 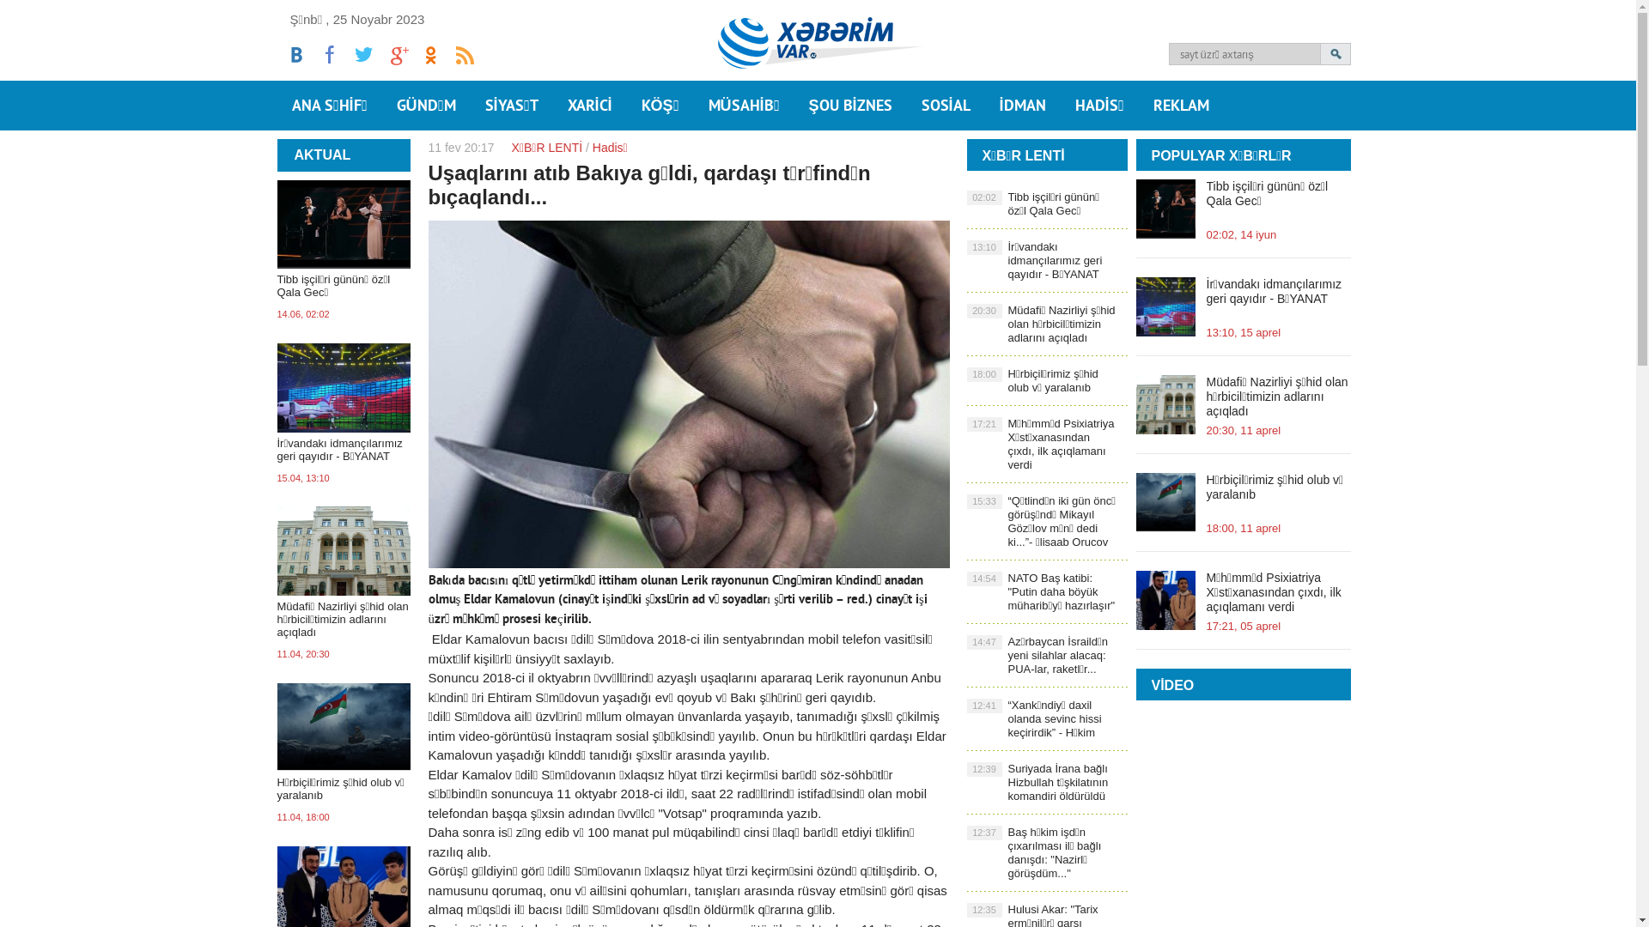 I want to click on 'REKLAM', so click(x=1180, y=106).